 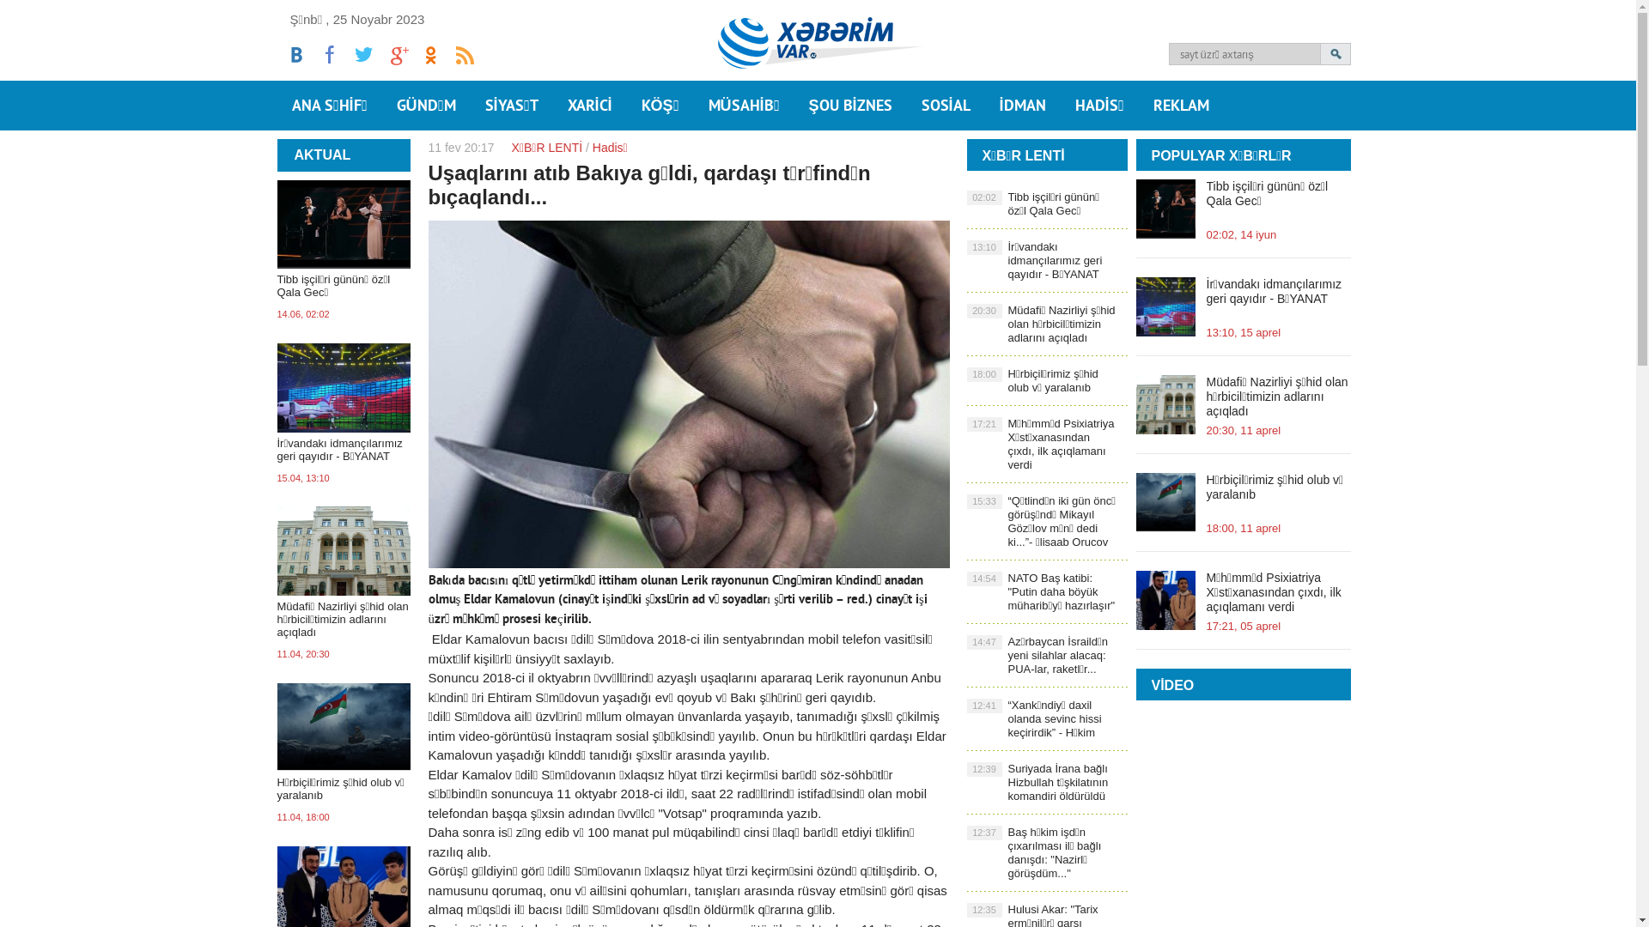 I want to click on 'REKLAM', so click(x=1180, y=106).